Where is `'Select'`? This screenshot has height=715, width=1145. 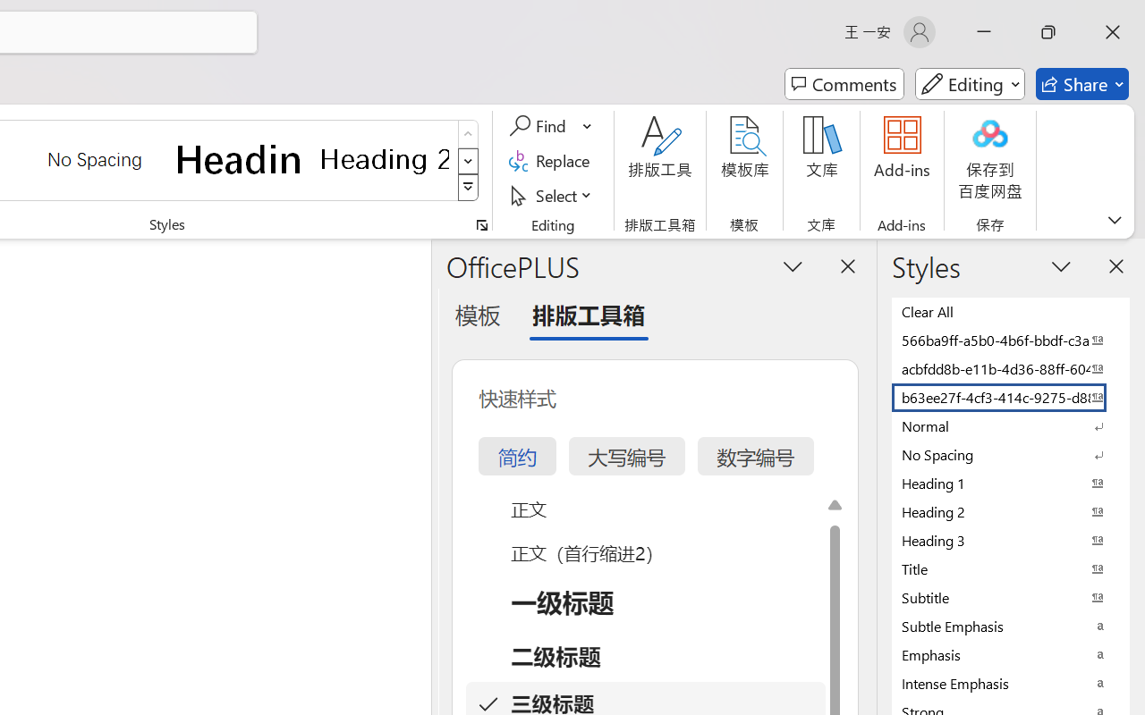 'Select' is located at coordinates (552, 195).